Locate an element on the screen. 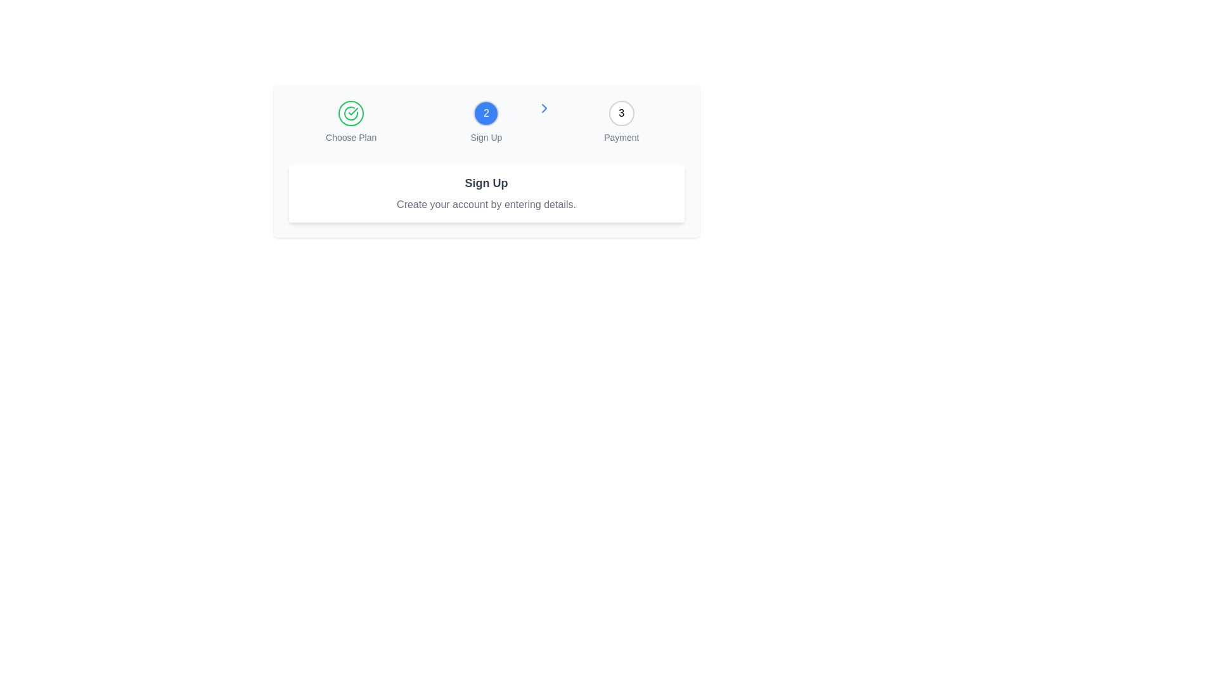 The image size is (1217, 685). the Text Label that identifies step 2 in the process flow, which is located directly under the blue circular element labeled '2' is located at coordinates (486, 137).